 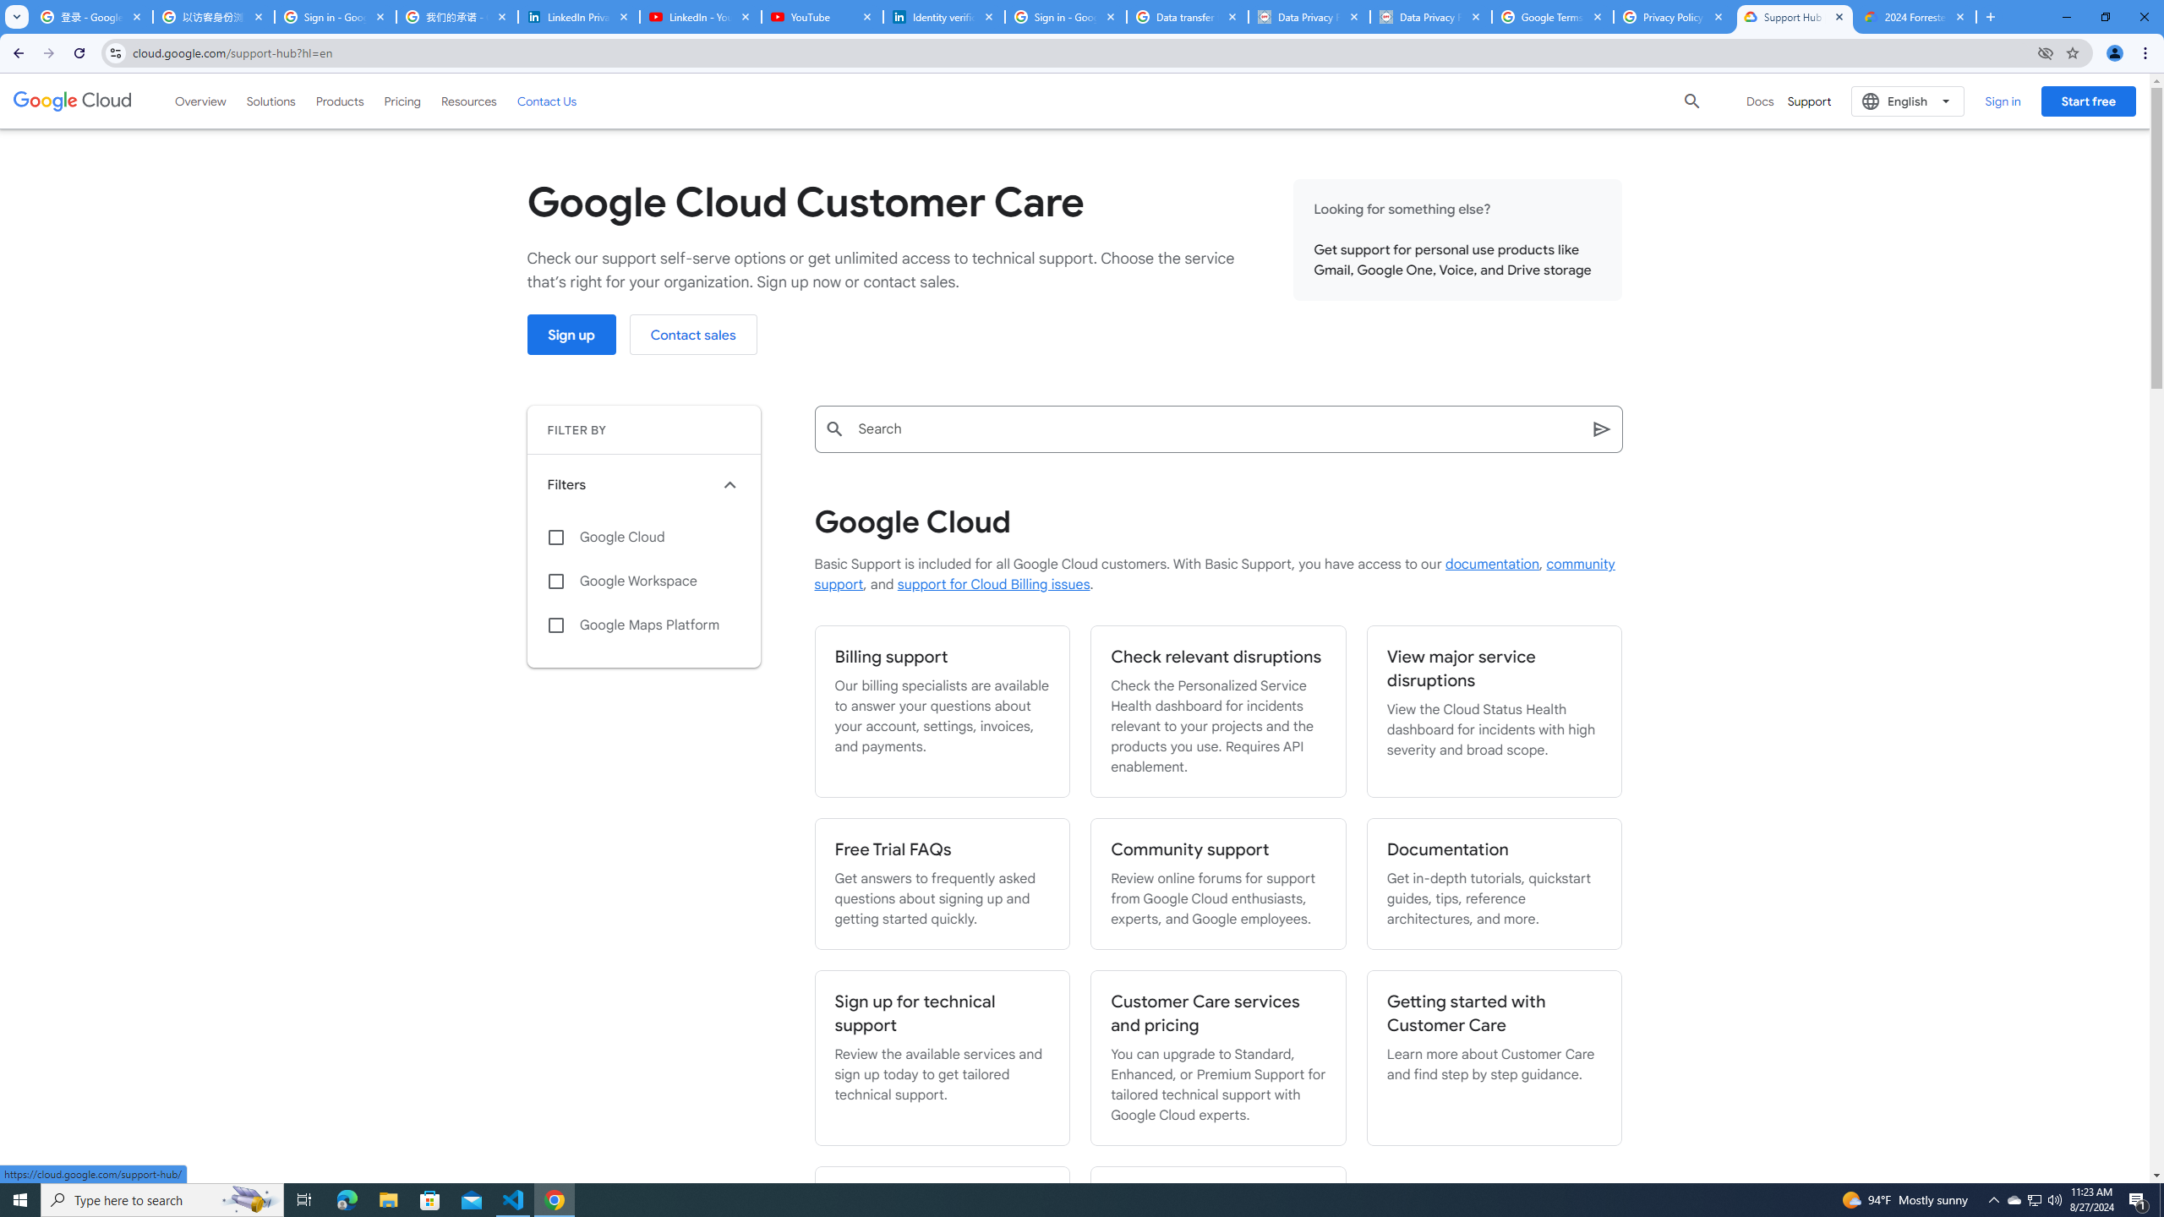 What do you see at coordinates (2115, 52) in the screenshot?
I see `'You'` at bounding box center [2115, 52].